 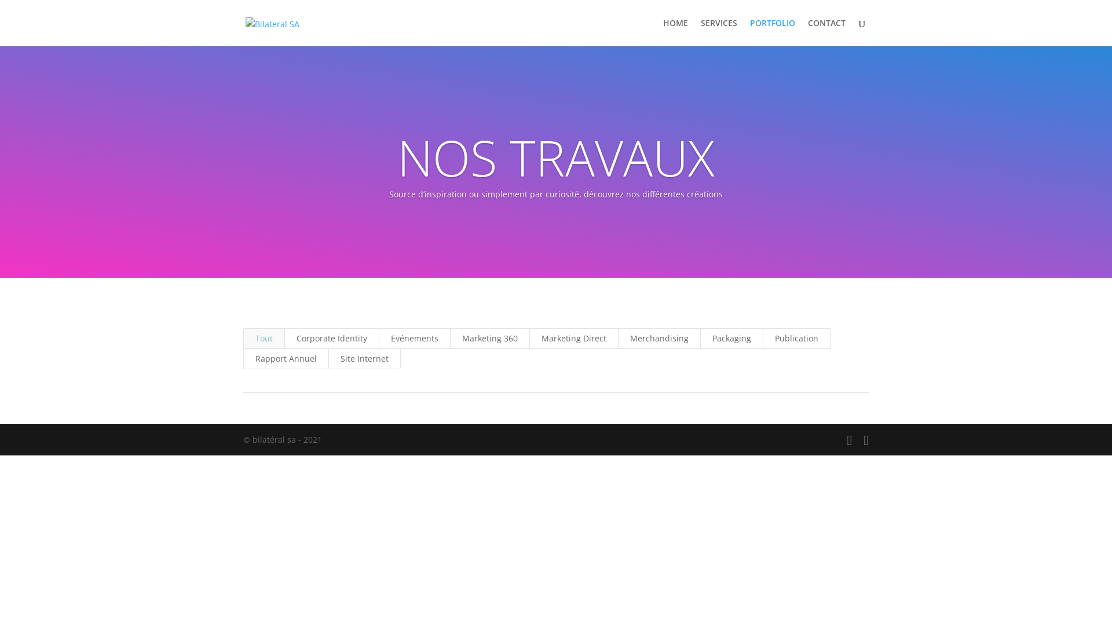 I want to click on 'SERVICES', so click(x=718, y=32).